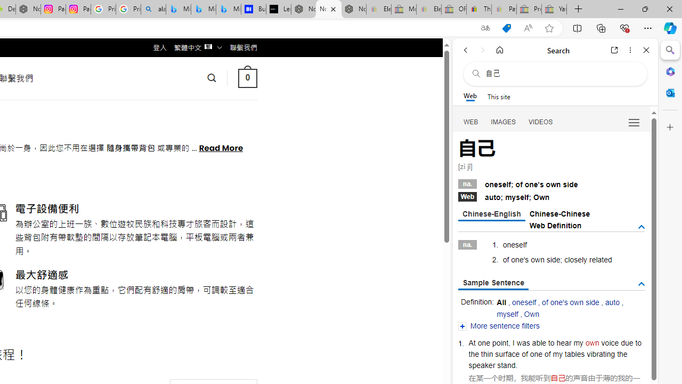 Image resolution: width=682 pixels, height=384 pixels. Describe the element at coordinates (503, 9) in the screenshot. I see `'Payments Terms of Use | eBay.com - Sleeping'` at that location.